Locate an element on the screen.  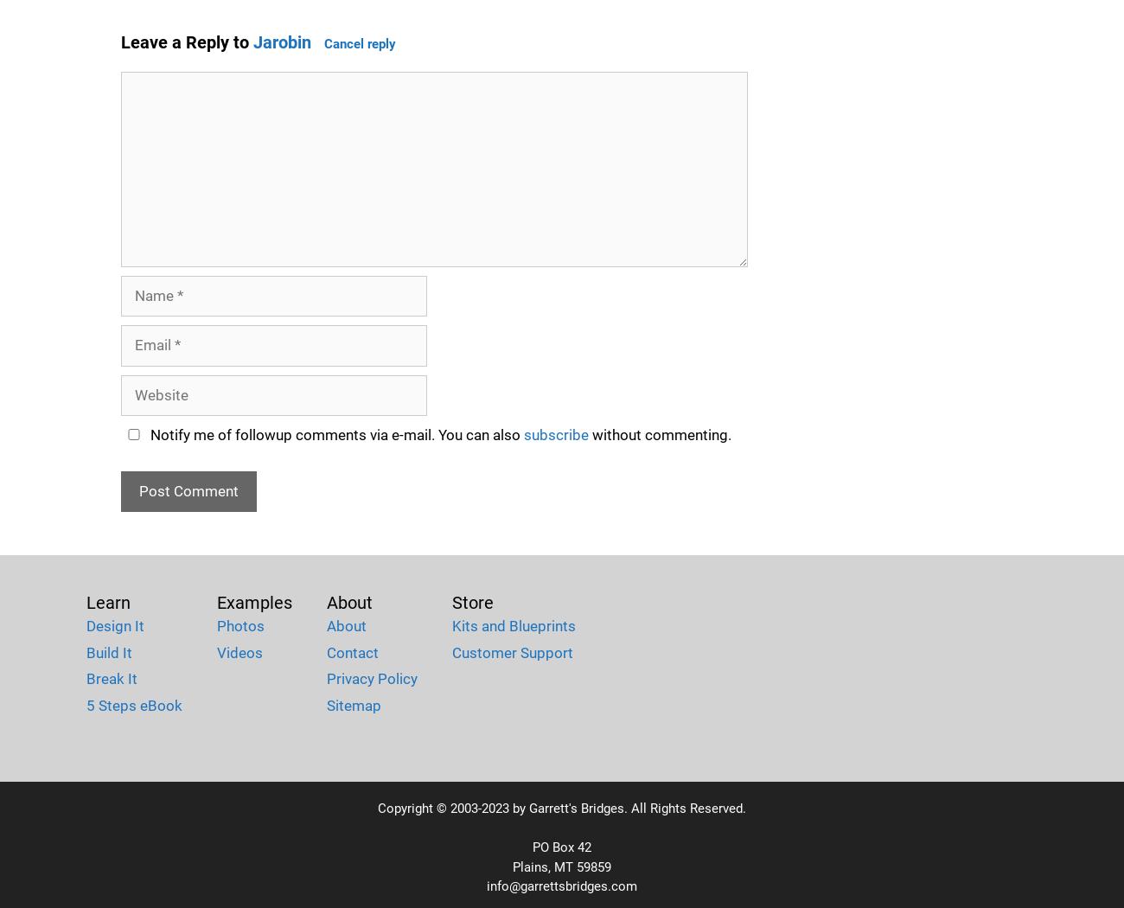
'Copyright © 2003-2023 by Garrett's Bridges. All Rights Reserved.' is located at coordinates (562, 809).